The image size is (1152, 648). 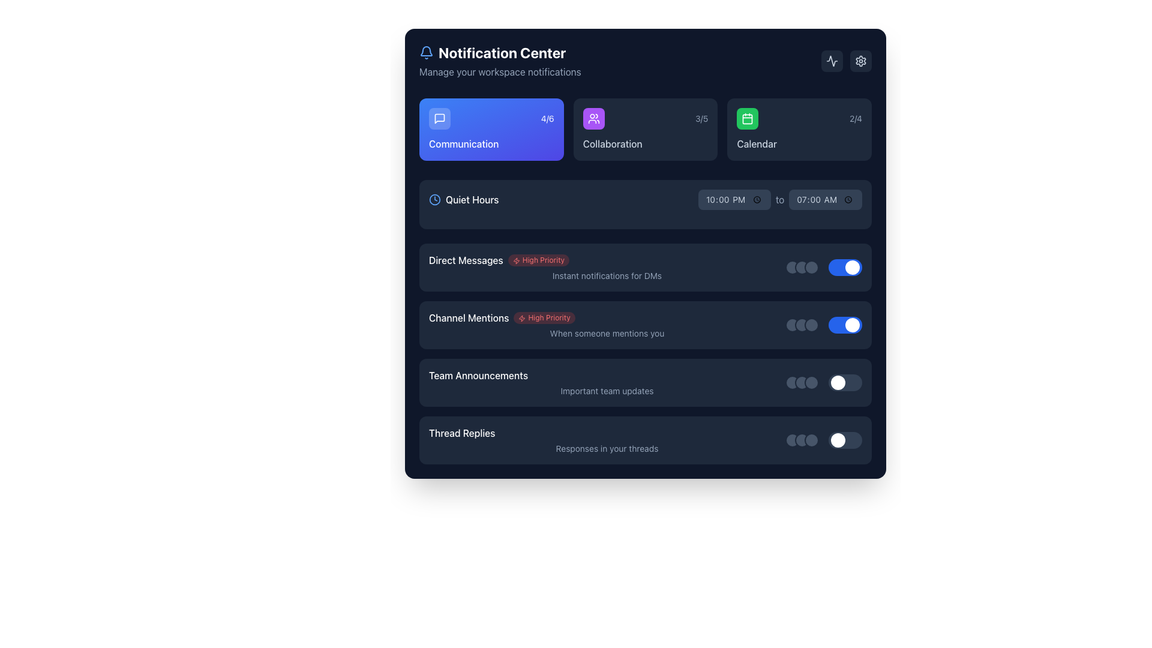 I want to click on the 'Notification Center' text header with the associated blue bell icon, which is prominently displayed on a dark navy background at the top of the interface, so click(x=500, y=52).